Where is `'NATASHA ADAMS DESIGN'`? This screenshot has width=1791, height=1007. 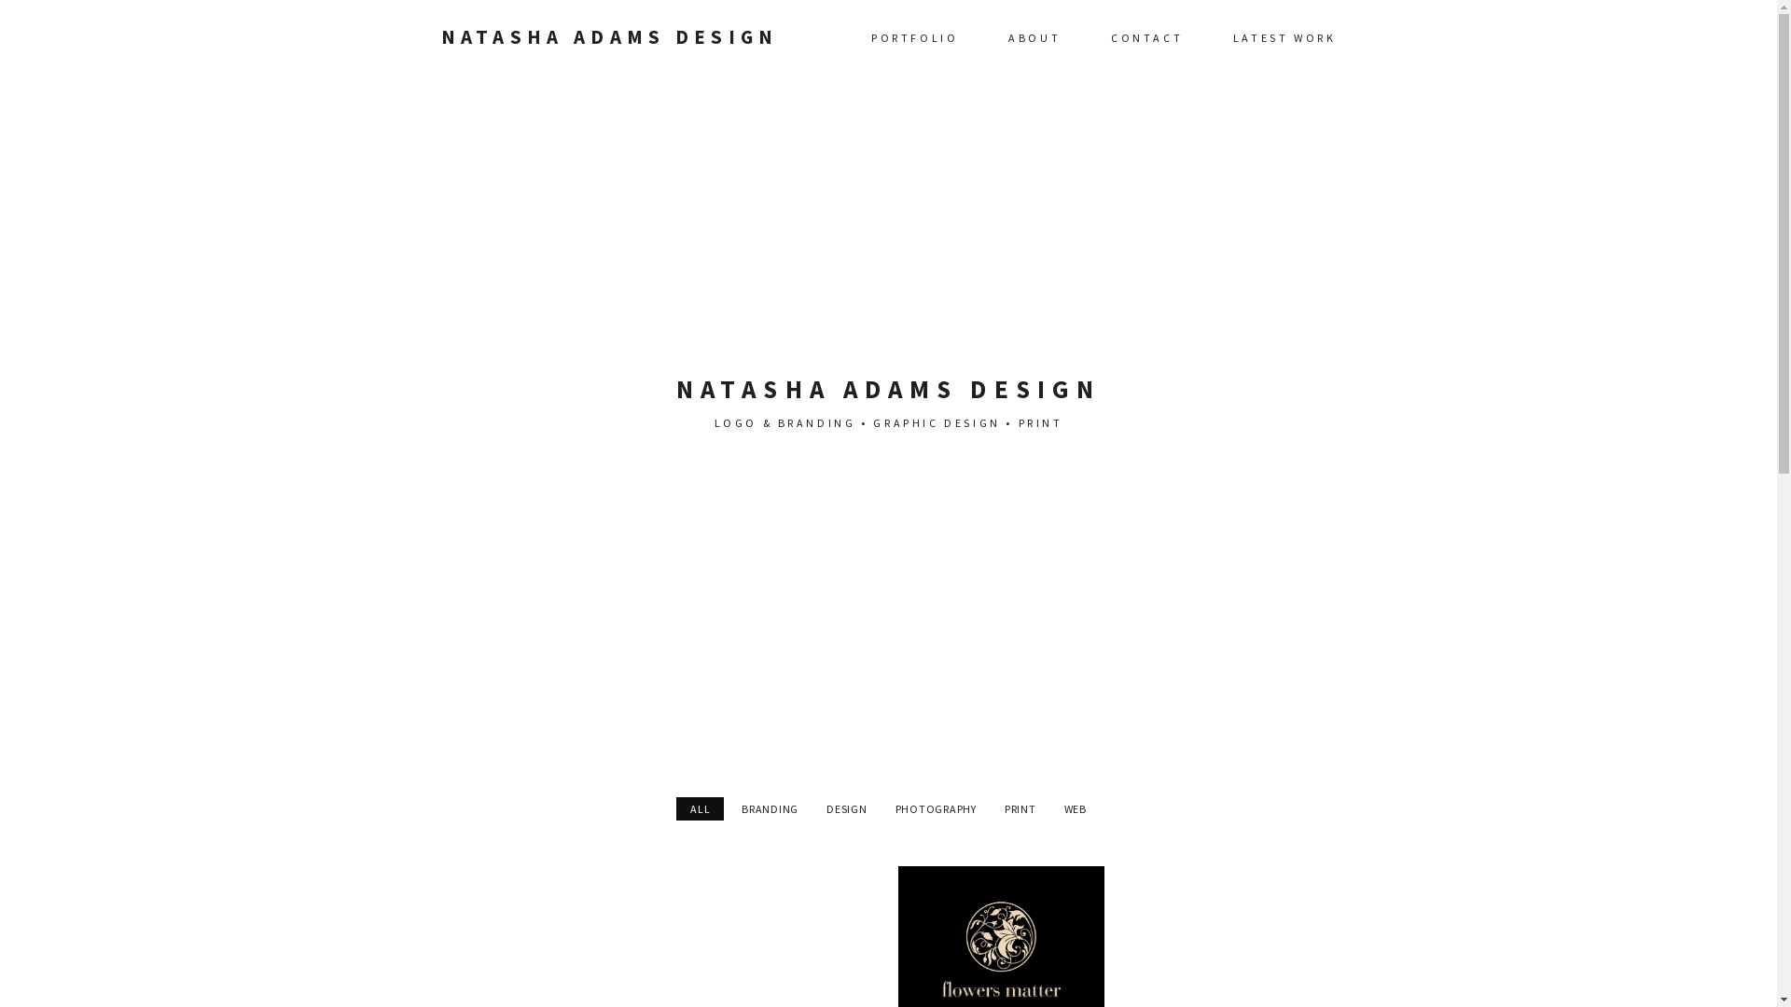
'NATASHA ADAMS DESIGN' is located at coordinates (608, 36).